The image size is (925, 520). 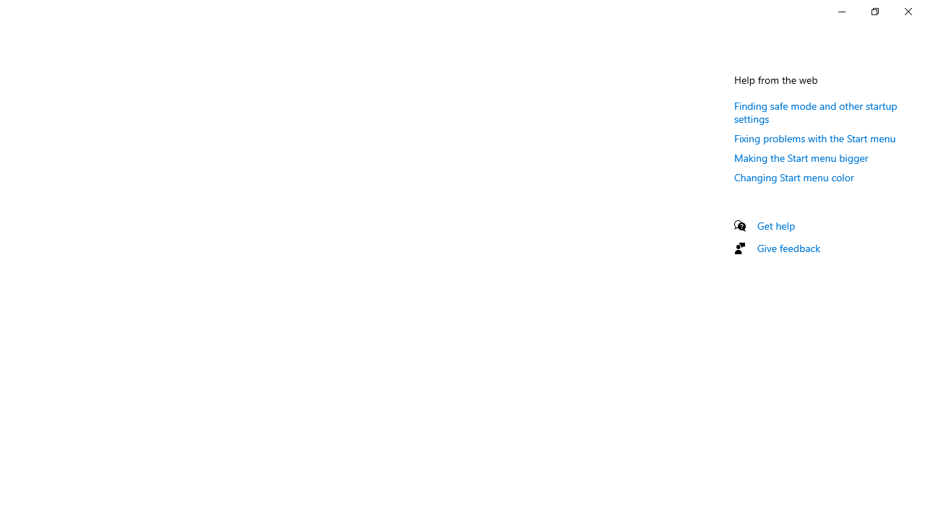 What do you see at coordinates (793, 176) in the screenshot?
I see `'Changing Start menu color'` at bounding box center [793, 176].